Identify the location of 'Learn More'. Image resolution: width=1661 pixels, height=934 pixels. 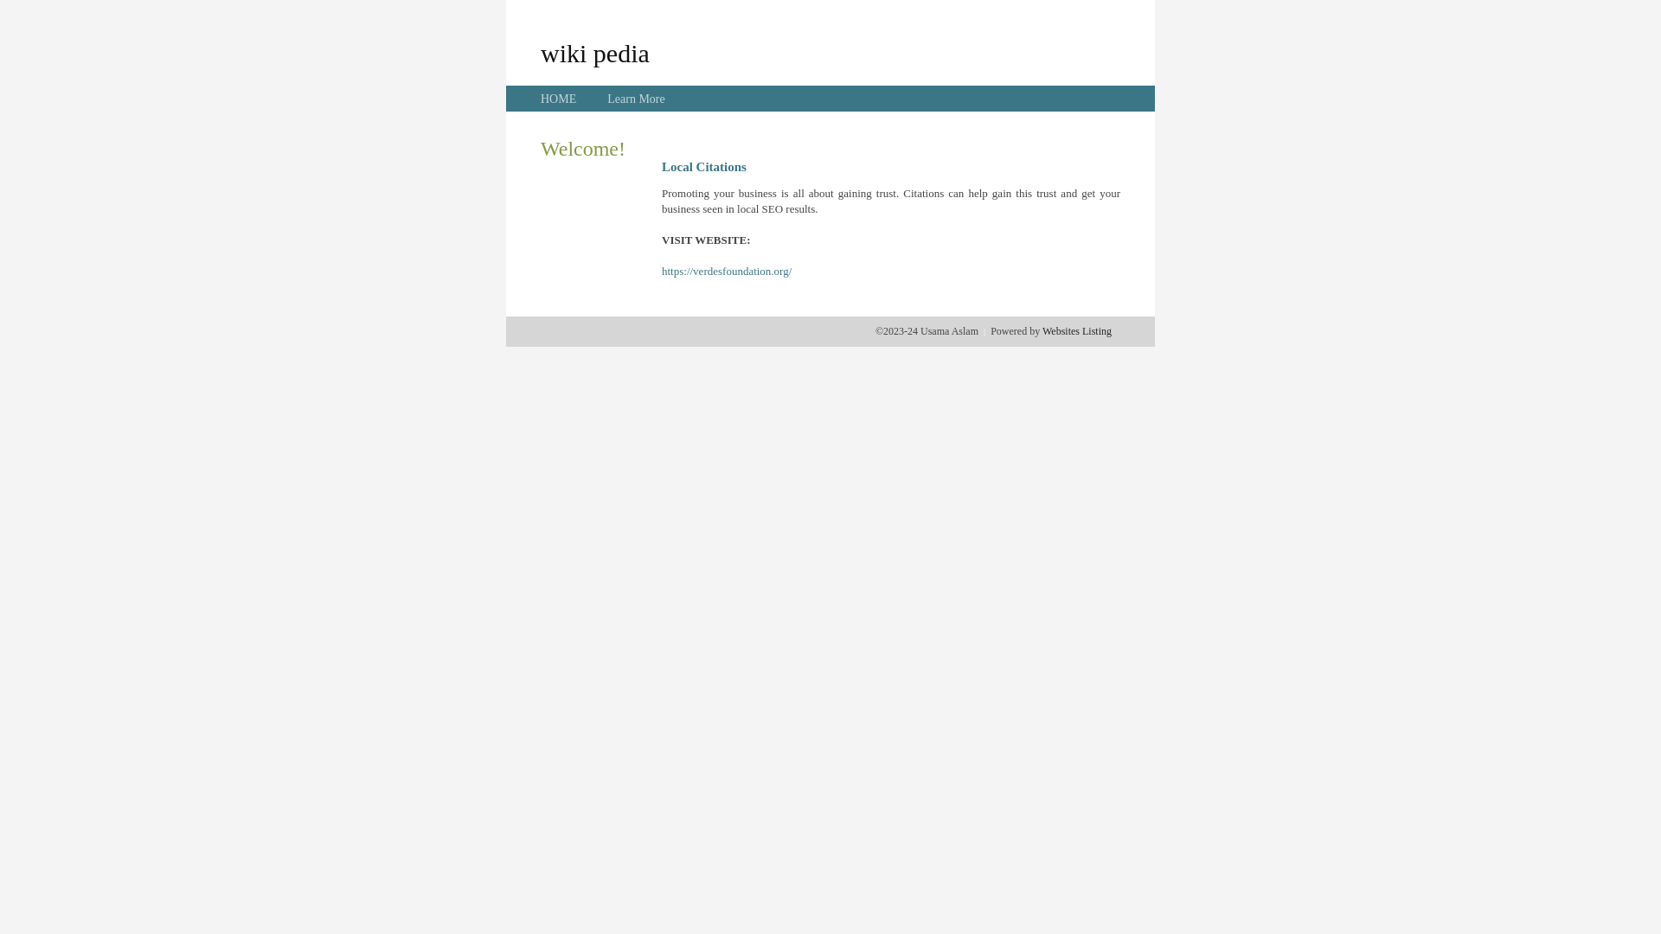
(634, 99).